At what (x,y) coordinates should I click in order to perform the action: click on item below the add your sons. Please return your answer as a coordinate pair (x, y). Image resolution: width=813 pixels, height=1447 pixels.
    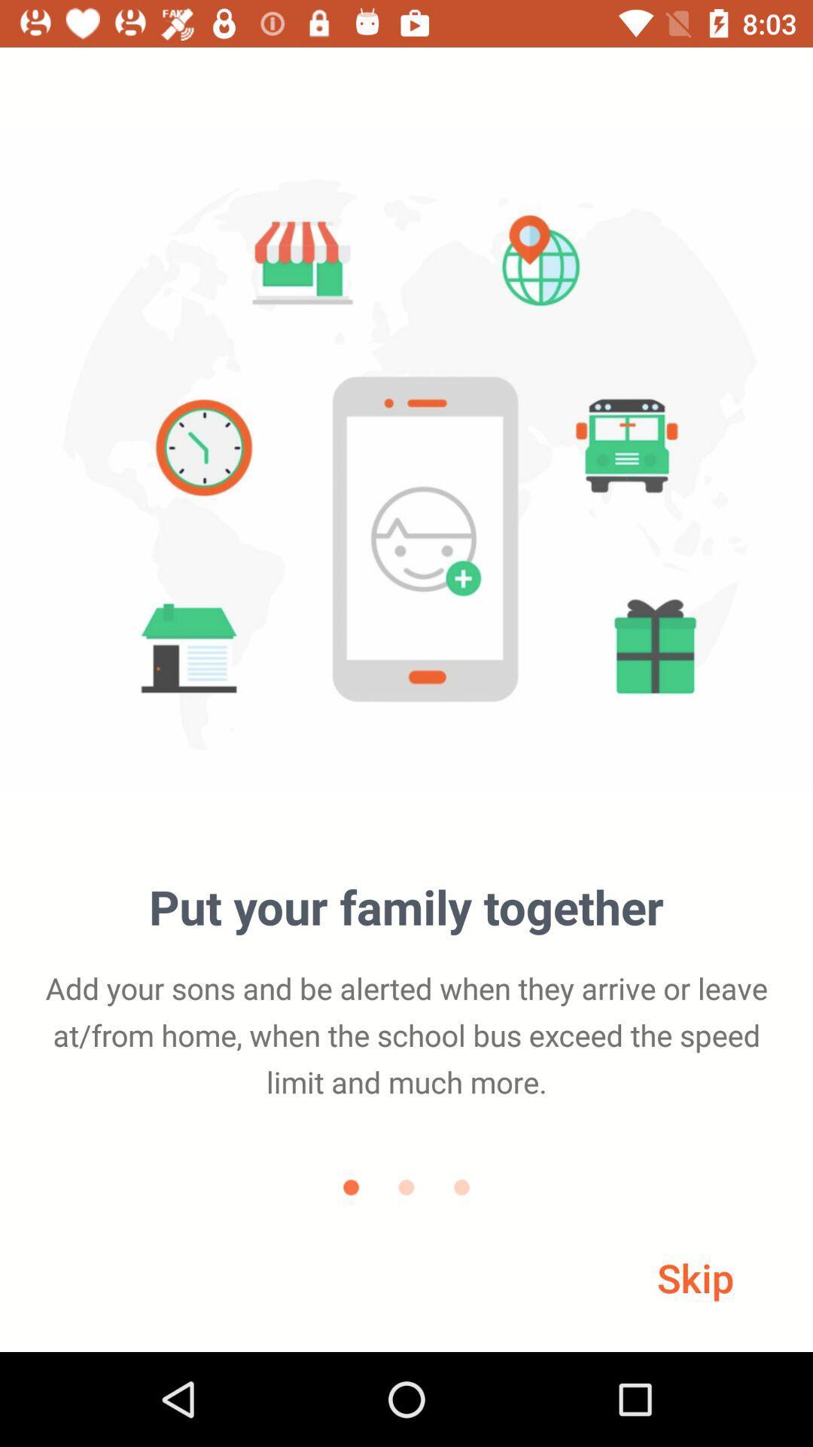
    Looking at the image, I should click on (696, 1277).